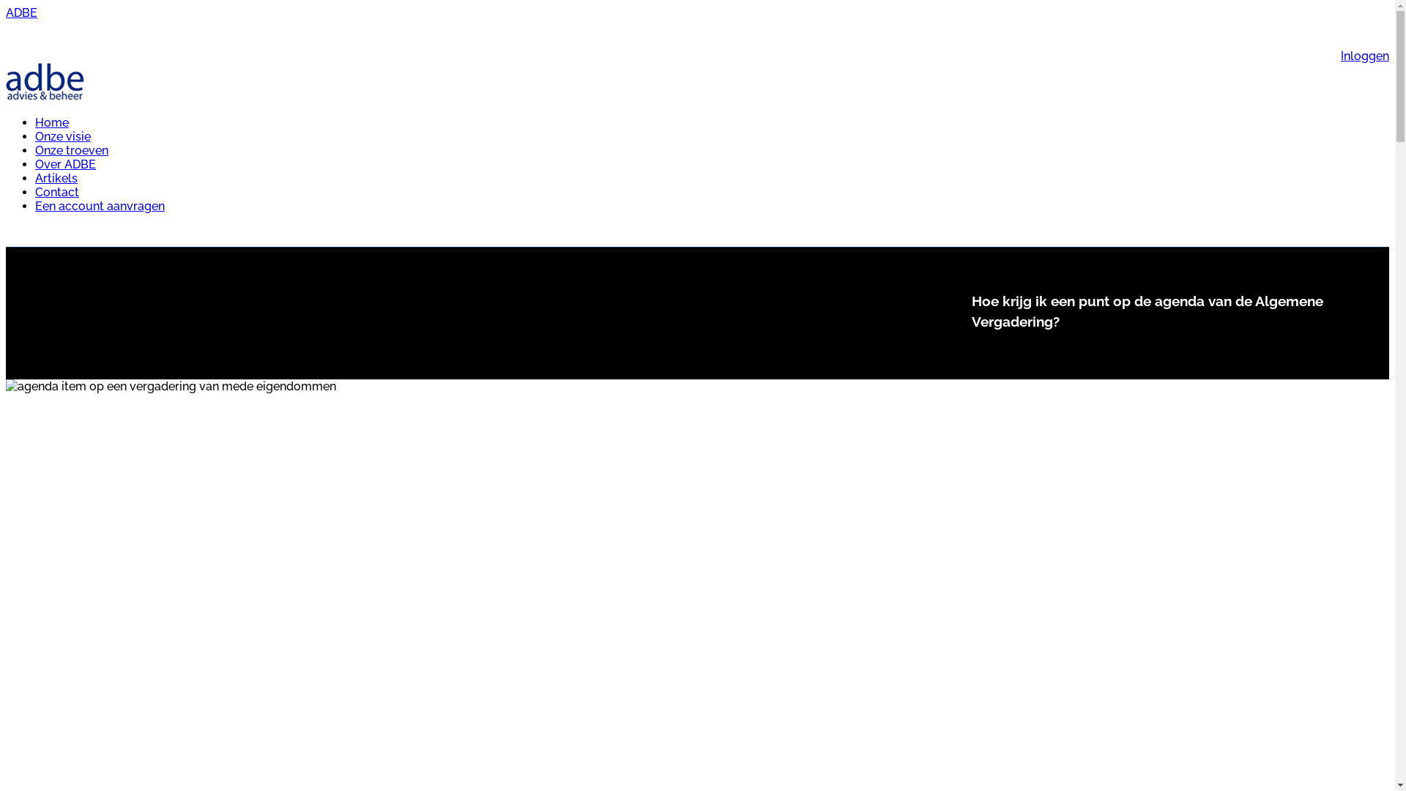  Describe the element at coordinates (1340, 55) in the screenshot. I see `'Inloggen'` at that location.